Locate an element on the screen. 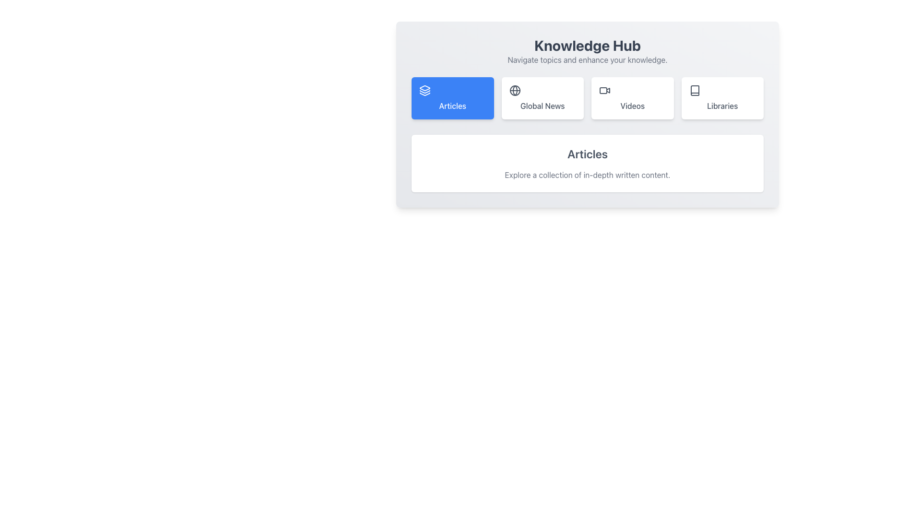 The width and height of the screenshot is (921, 518). the middle layer of the stacked-layer icon representing 'Articles', which is visually smaller than the first layer and larger than the third layer, located at the coordinates provided is located at coordinates (425, 92).